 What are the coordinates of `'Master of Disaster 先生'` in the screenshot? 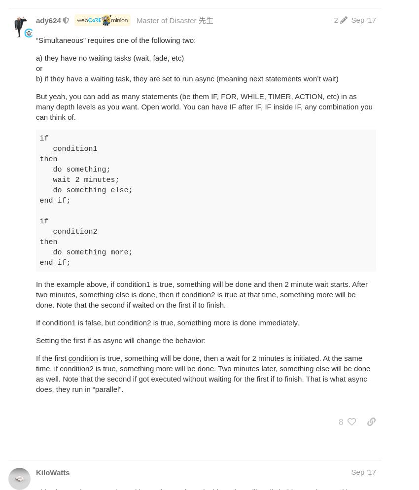 It's located at (174, 19).